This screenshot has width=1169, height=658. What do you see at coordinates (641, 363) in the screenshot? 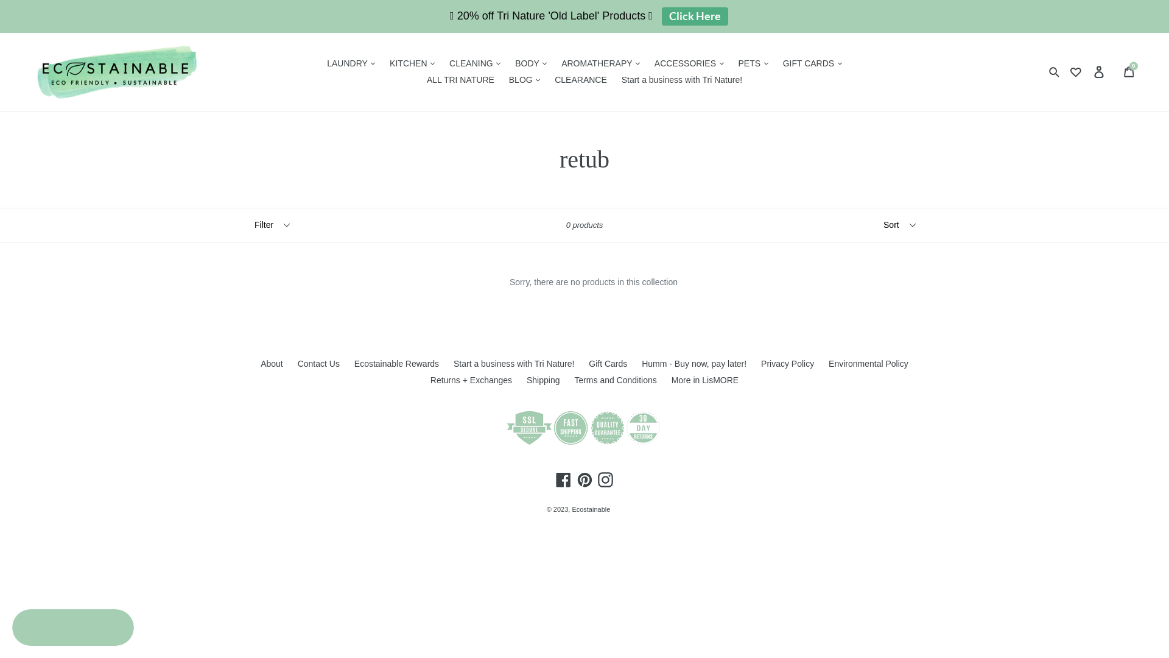
I see `'Humm - Buy now, pay later!'` at bounding box center [641, 363].